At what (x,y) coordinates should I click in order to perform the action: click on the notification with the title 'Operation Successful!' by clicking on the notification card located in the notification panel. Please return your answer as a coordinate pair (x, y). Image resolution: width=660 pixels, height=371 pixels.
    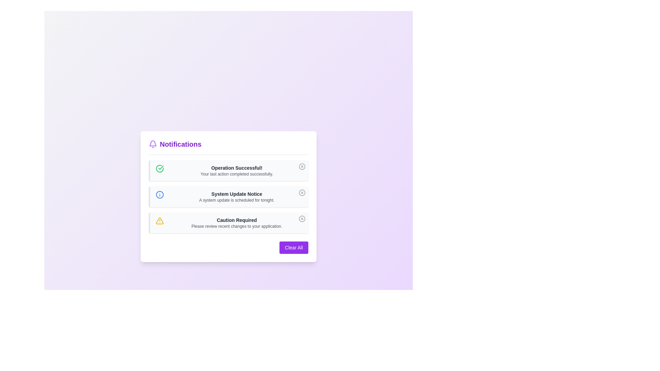
    Looking at the image, I should click on (229, 170).